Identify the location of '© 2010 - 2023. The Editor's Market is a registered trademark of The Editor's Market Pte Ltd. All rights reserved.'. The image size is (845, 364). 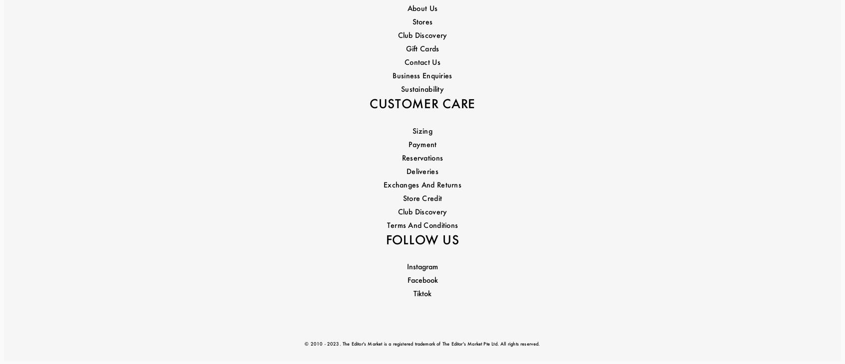
(304, 264).